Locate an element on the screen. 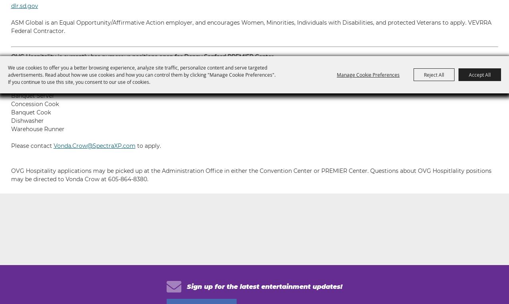 Image resolution: width=509 pixels, height=304 pixels. 'Concessionaire' is located at coordinates (32, 87).